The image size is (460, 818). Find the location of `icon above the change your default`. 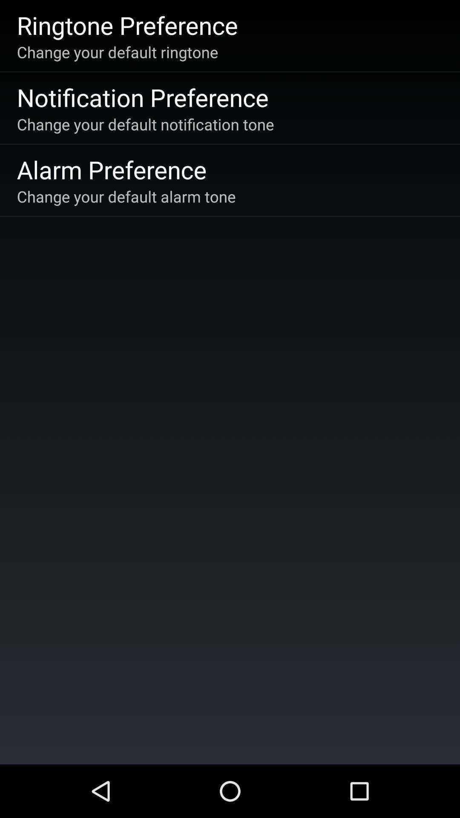

icon above the change your default is located at coordinates (142, 97).